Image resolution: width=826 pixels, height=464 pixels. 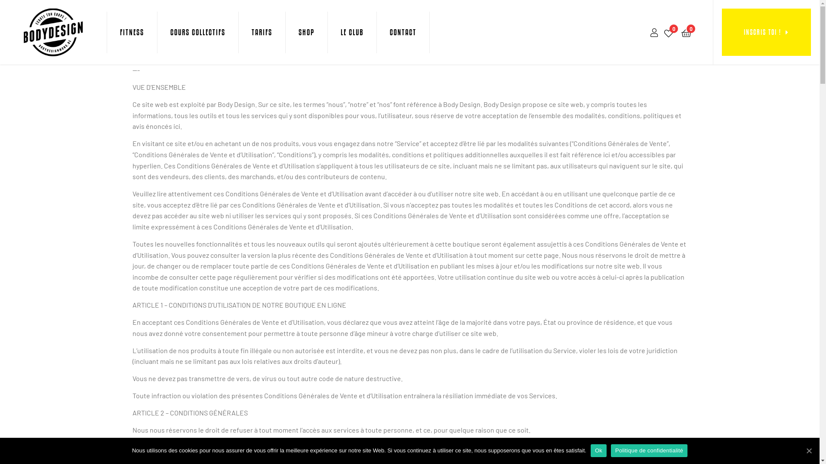 What do you see at coordinates (306, 32) in the screenshot?
I see `'SHOP'` at bounding box center [306, 32].